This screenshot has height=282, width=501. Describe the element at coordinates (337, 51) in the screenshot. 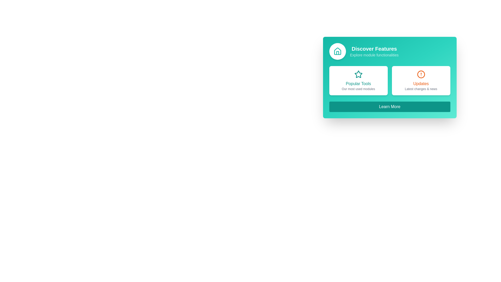

I see `the house-shaped icon with a teal color that is centered within the round teal background, located above the 'Discover Features' text` at that location.